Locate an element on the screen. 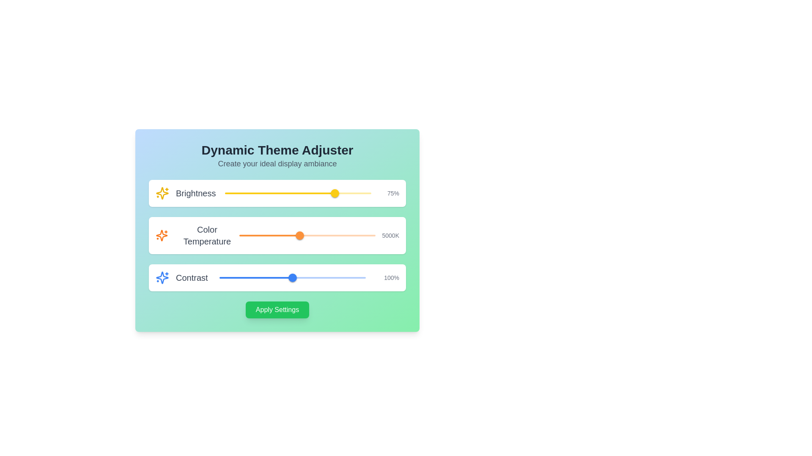 Image resolution: width=812 pixels, height=456 pixels. the contrast level is located at coordinates (339, 278).